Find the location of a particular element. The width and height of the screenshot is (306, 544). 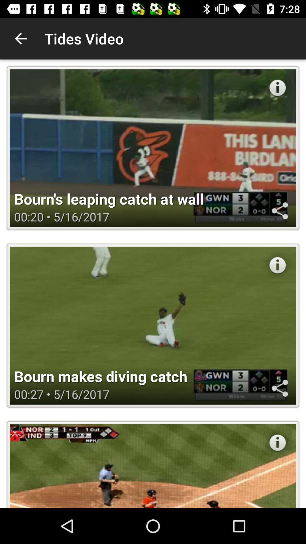

share video is located at coordinates (279, 211).